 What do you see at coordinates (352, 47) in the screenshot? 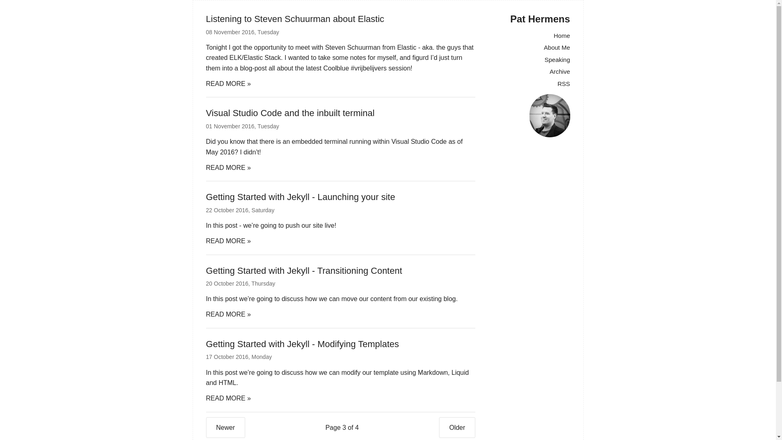
I see `'Steven Schuurman'` at bounding box center [352, 47].